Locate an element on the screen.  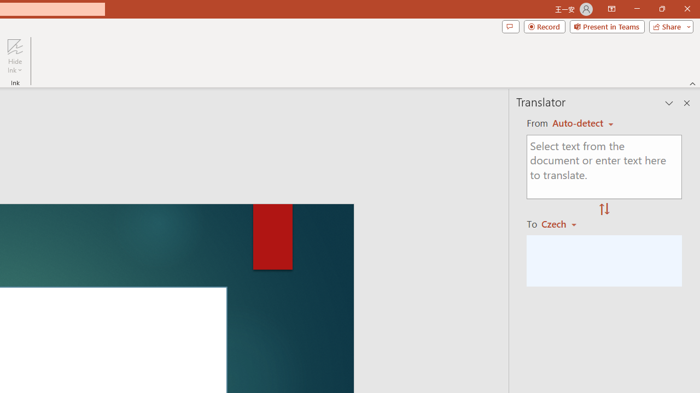
'Hide Ink' is located at coordinates (15, 56).